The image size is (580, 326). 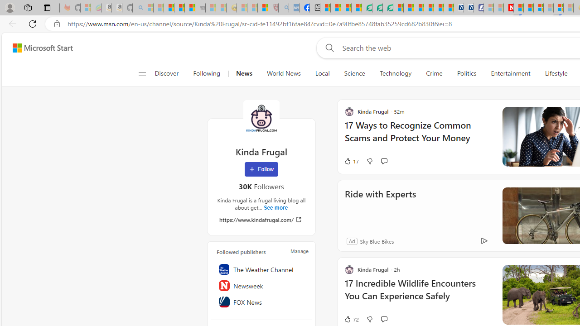 What do you see at coordinates (261, 269) in the screenshot?
I see `'The Weather Channel'` at bounding box center [261, 269].